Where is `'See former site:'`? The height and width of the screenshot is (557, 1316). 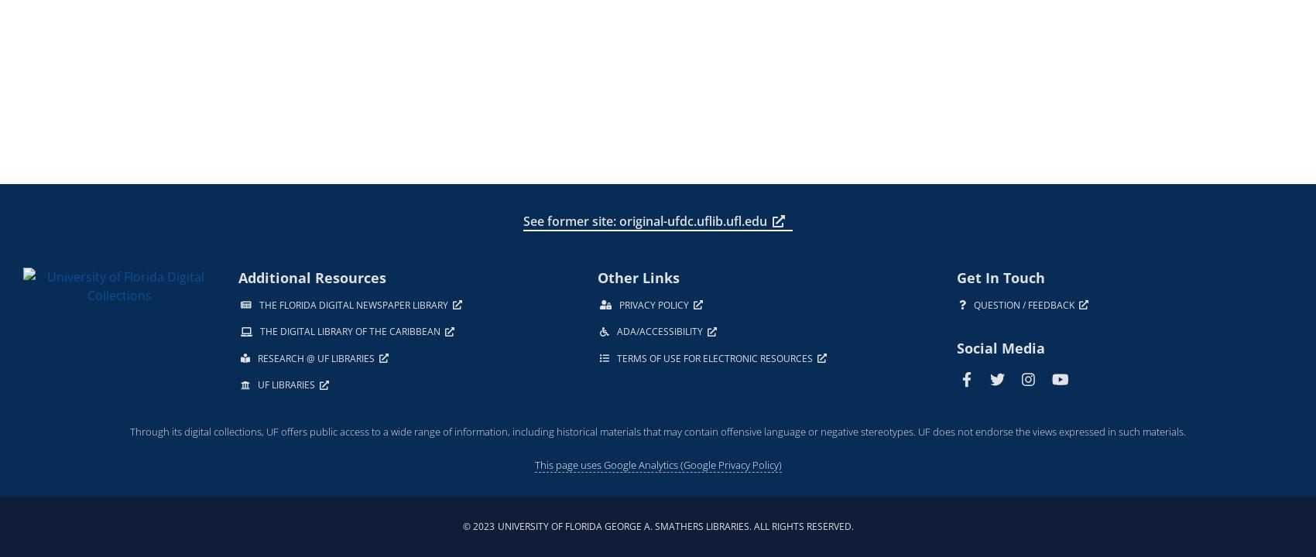
'See former site:' is located at coordinates (569, 220).